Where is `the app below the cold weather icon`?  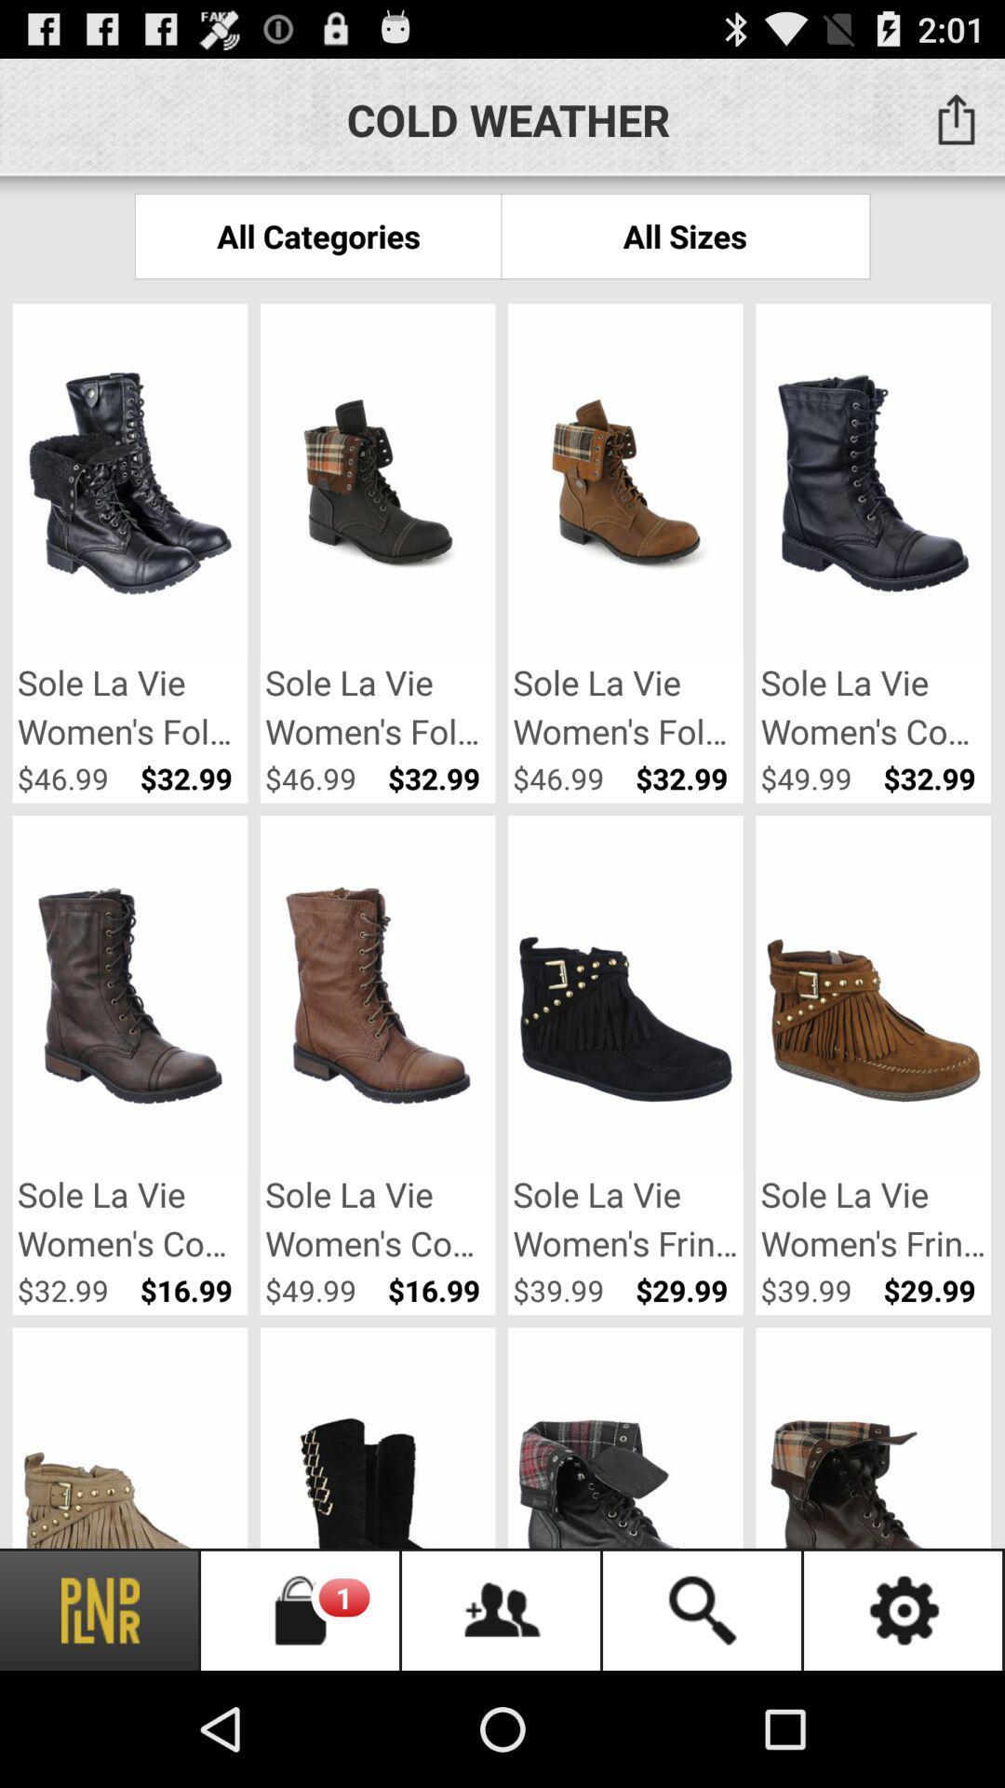
the app below the cold weather icon is located at coordinates (685, 235).